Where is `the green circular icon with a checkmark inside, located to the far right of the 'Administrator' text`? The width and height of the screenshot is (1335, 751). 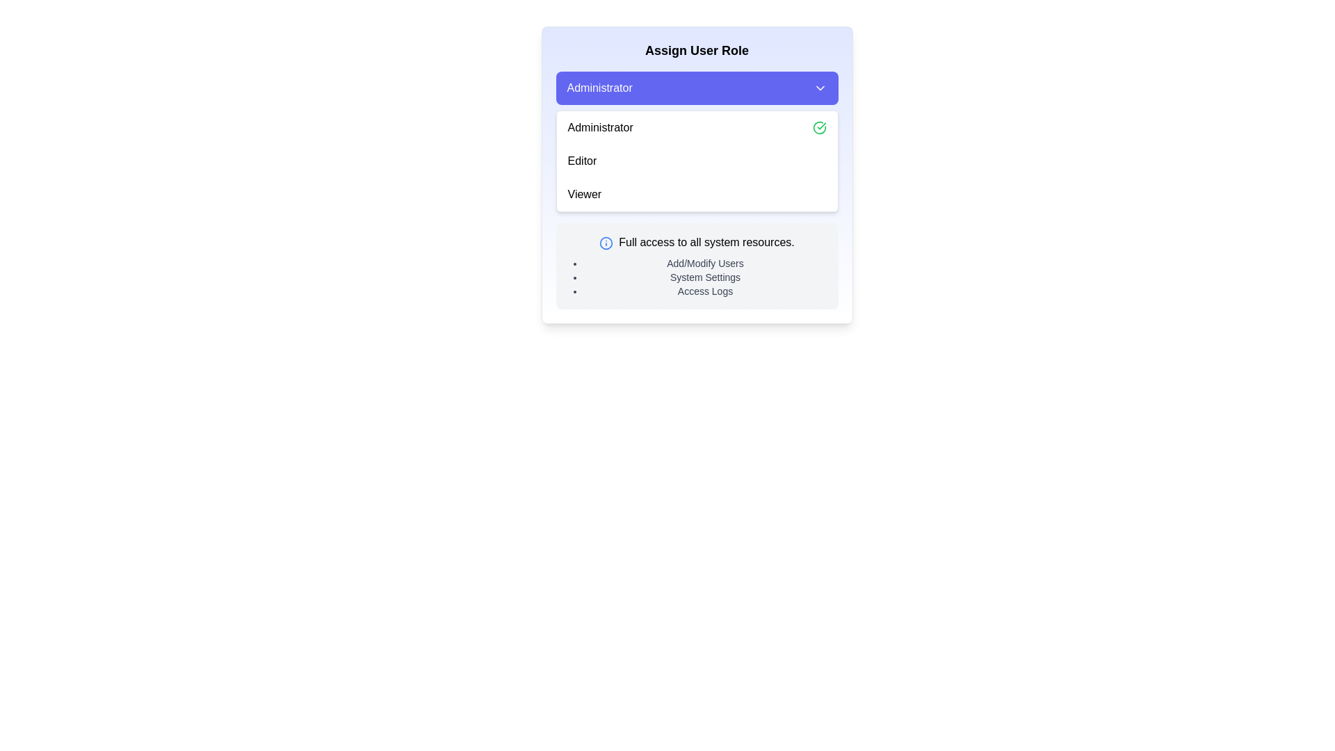
the green circular icon with a checkmark inside, located to the far right of the 'Administrator' text is located at coordinates (819, 128).